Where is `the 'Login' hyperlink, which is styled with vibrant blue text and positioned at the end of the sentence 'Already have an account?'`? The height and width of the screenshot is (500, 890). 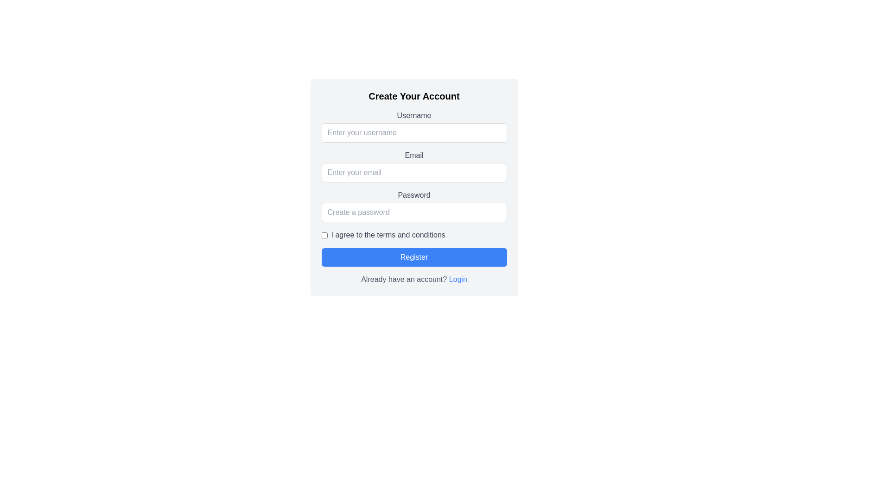 the 'Login' hyperlink, which is styled with vibrant blue text and positioned at the end of the sentence 'Already have an account?' is located at coordinates (458, 279).